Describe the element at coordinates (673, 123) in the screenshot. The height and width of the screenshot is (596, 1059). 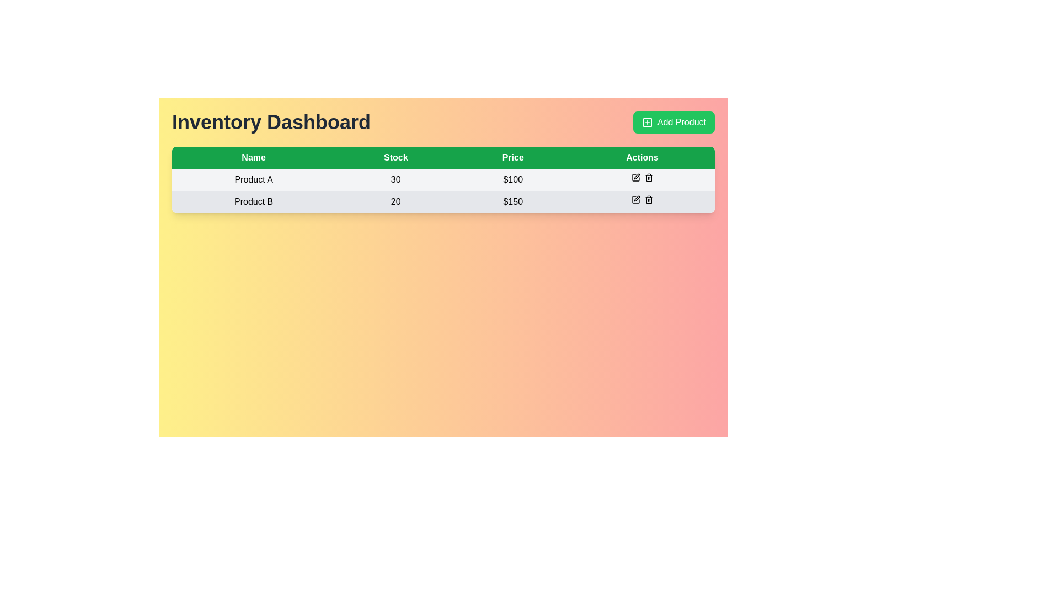
I see `the 'Add New Product' button located at the top-right corner of the 'Inventory Dashboard' header to observe any hover effects` at that location.